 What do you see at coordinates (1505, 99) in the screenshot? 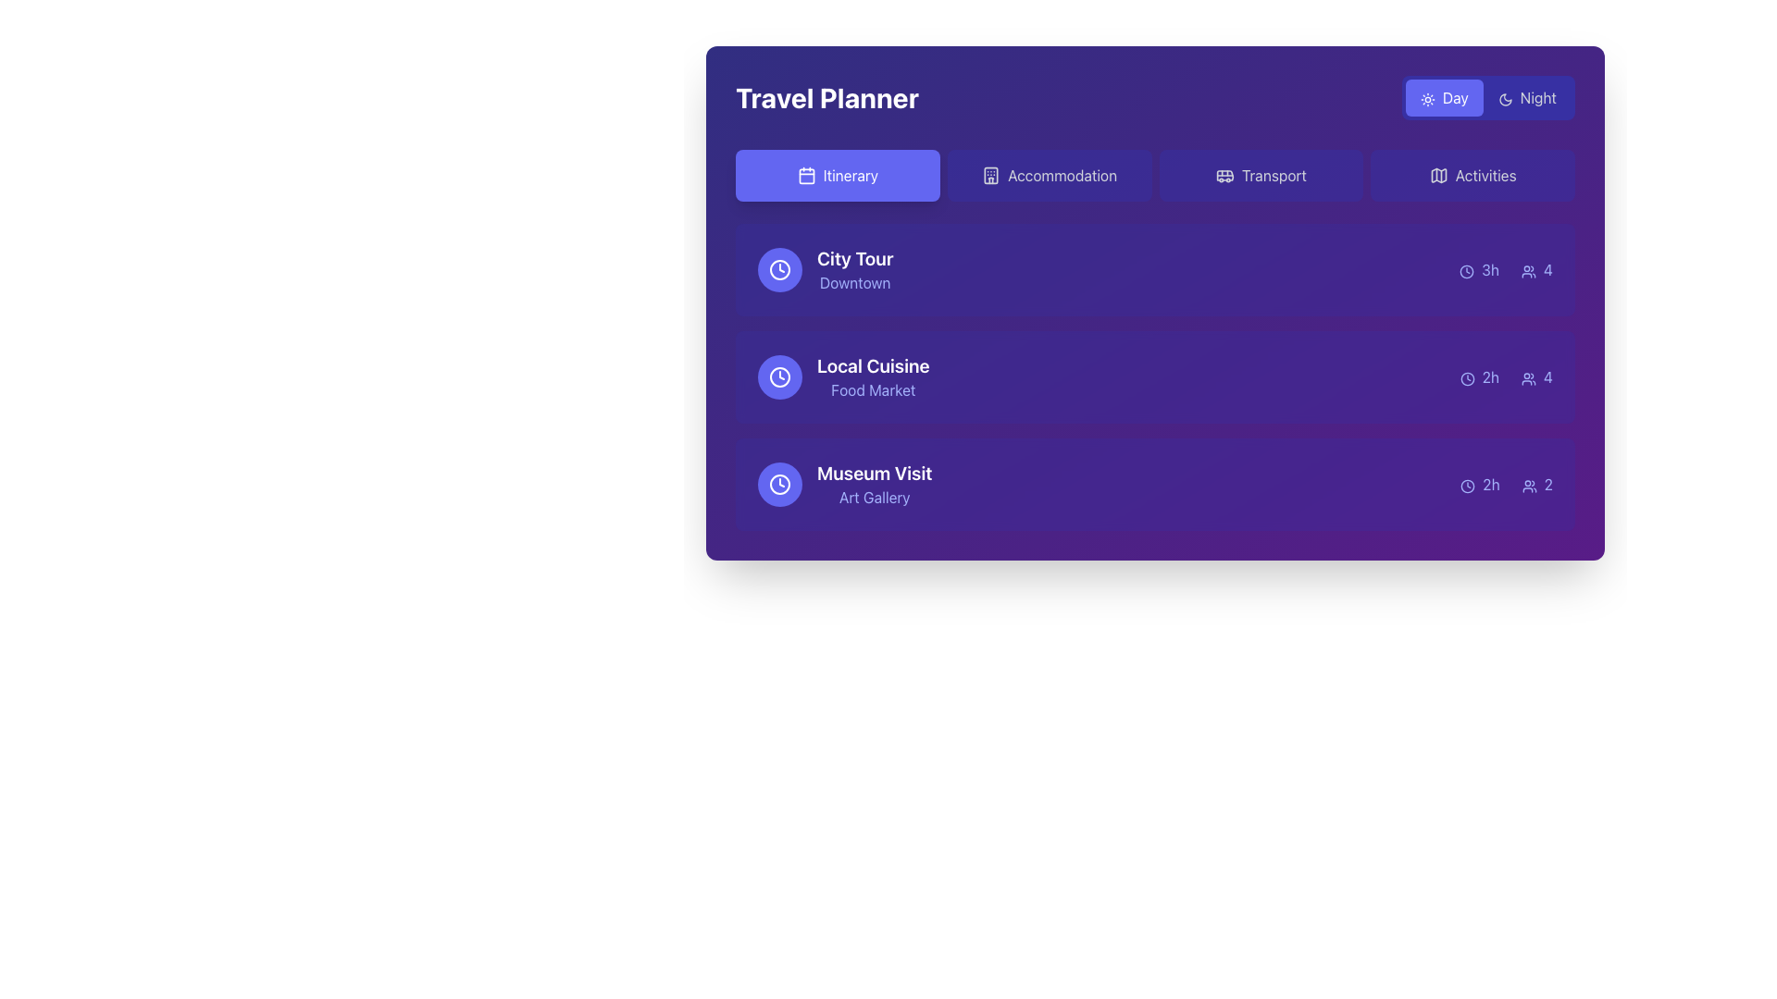
I see `the night mode icon located inside the rectangular button labeled 'Night' in the top-right corner of the main interface` at bounding box center [1505, 99].